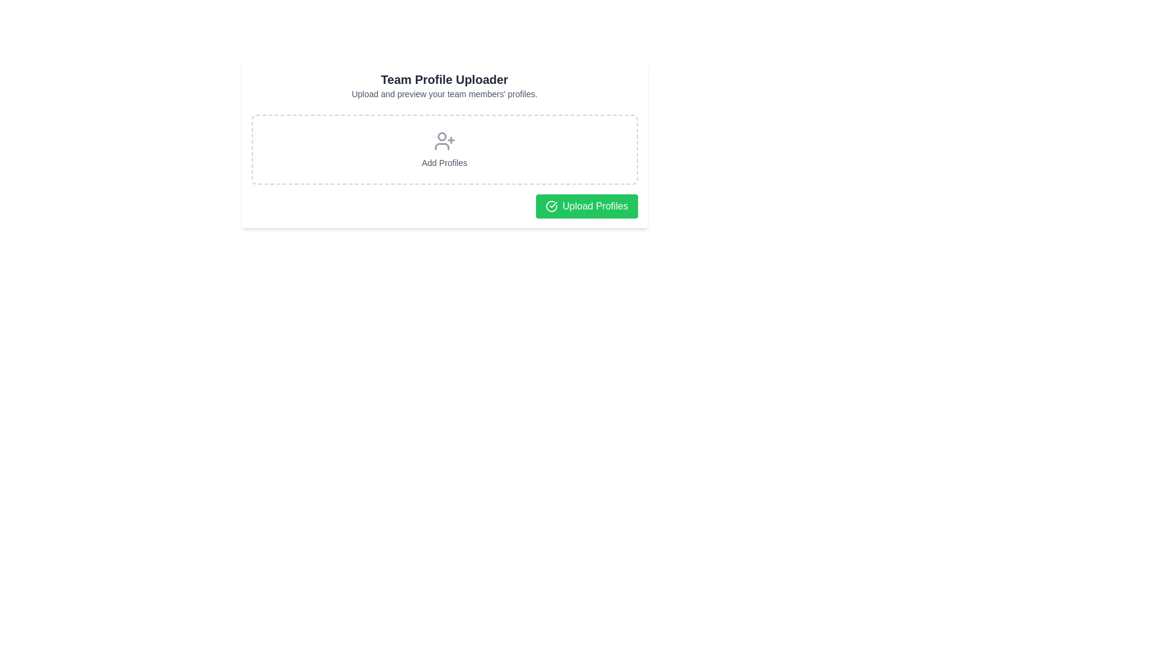 This screenshot has width=1159, height=652. What do you see at coordinates (444, 163) in the screenshot?
I see `the 'Add Profiles' text label, which is styled in gray and positioned at the bottom center of a bordered and dashed rectangular area` at bounding box center [444, 163].